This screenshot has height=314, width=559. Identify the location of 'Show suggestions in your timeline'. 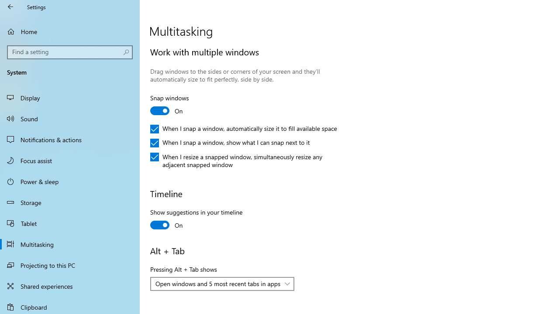
(196, 219).